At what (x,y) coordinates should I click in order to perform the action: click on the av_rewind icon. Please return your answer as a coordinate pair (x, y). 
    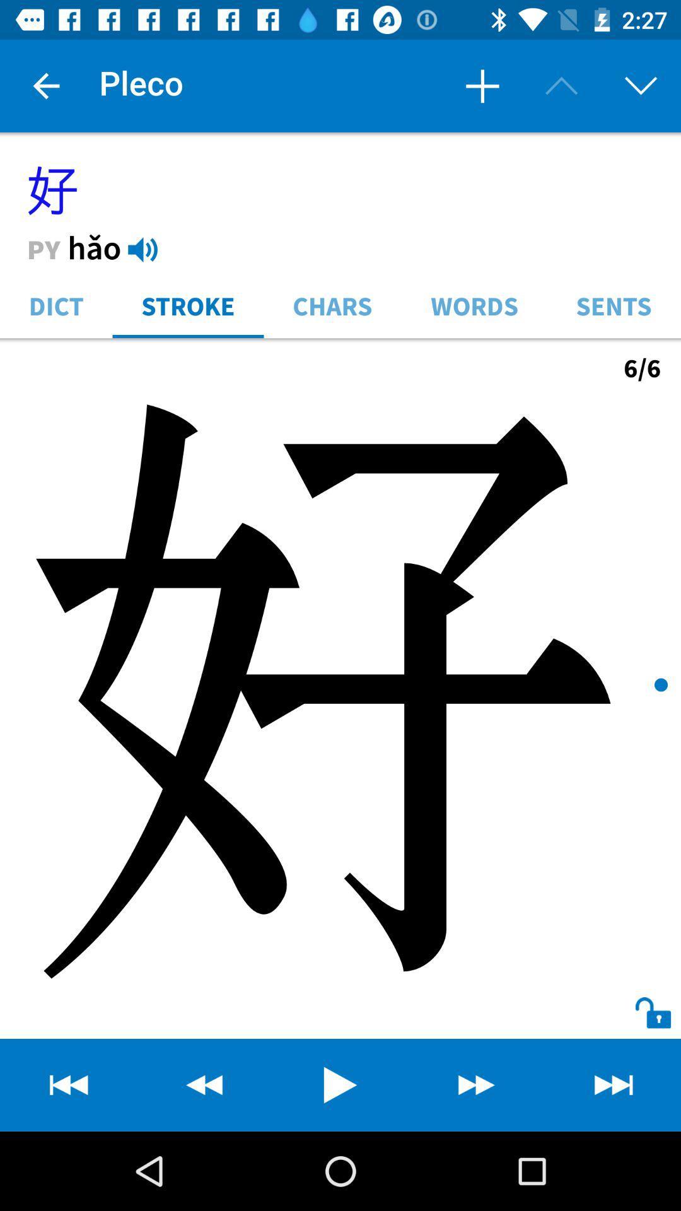
    Looking at the image, I should click on (204, 1084).